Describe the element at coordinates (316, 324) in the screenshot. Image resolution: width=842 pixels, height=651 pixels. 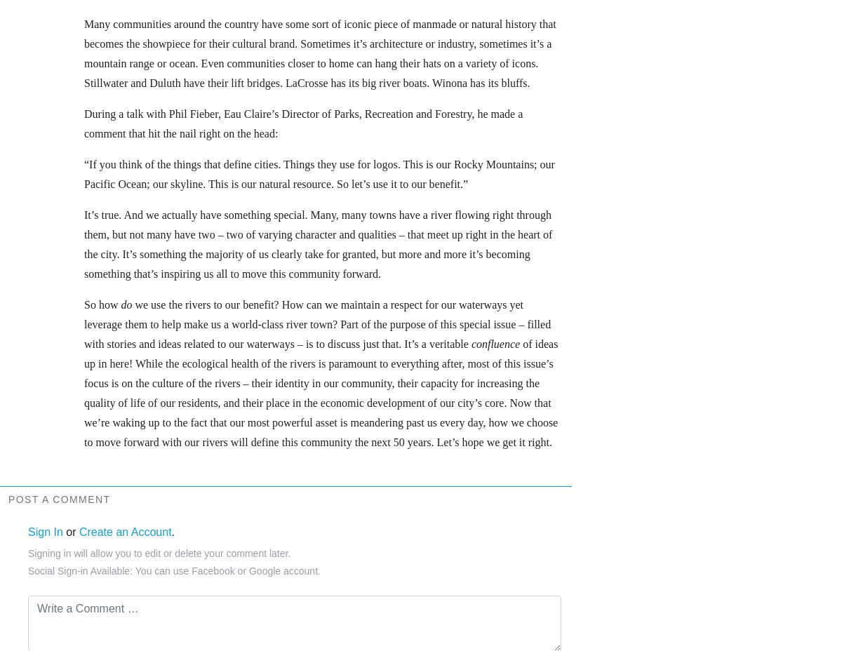
I see `'we use the rivers to our benefit? How can we maintain a respect for our waterways yet leverage them to help make us a world-class river town? Part of the purpose of this special issue – filled with stories and ideas related to our waterways – is to discuss just that. It’s a veritable'` at that location.